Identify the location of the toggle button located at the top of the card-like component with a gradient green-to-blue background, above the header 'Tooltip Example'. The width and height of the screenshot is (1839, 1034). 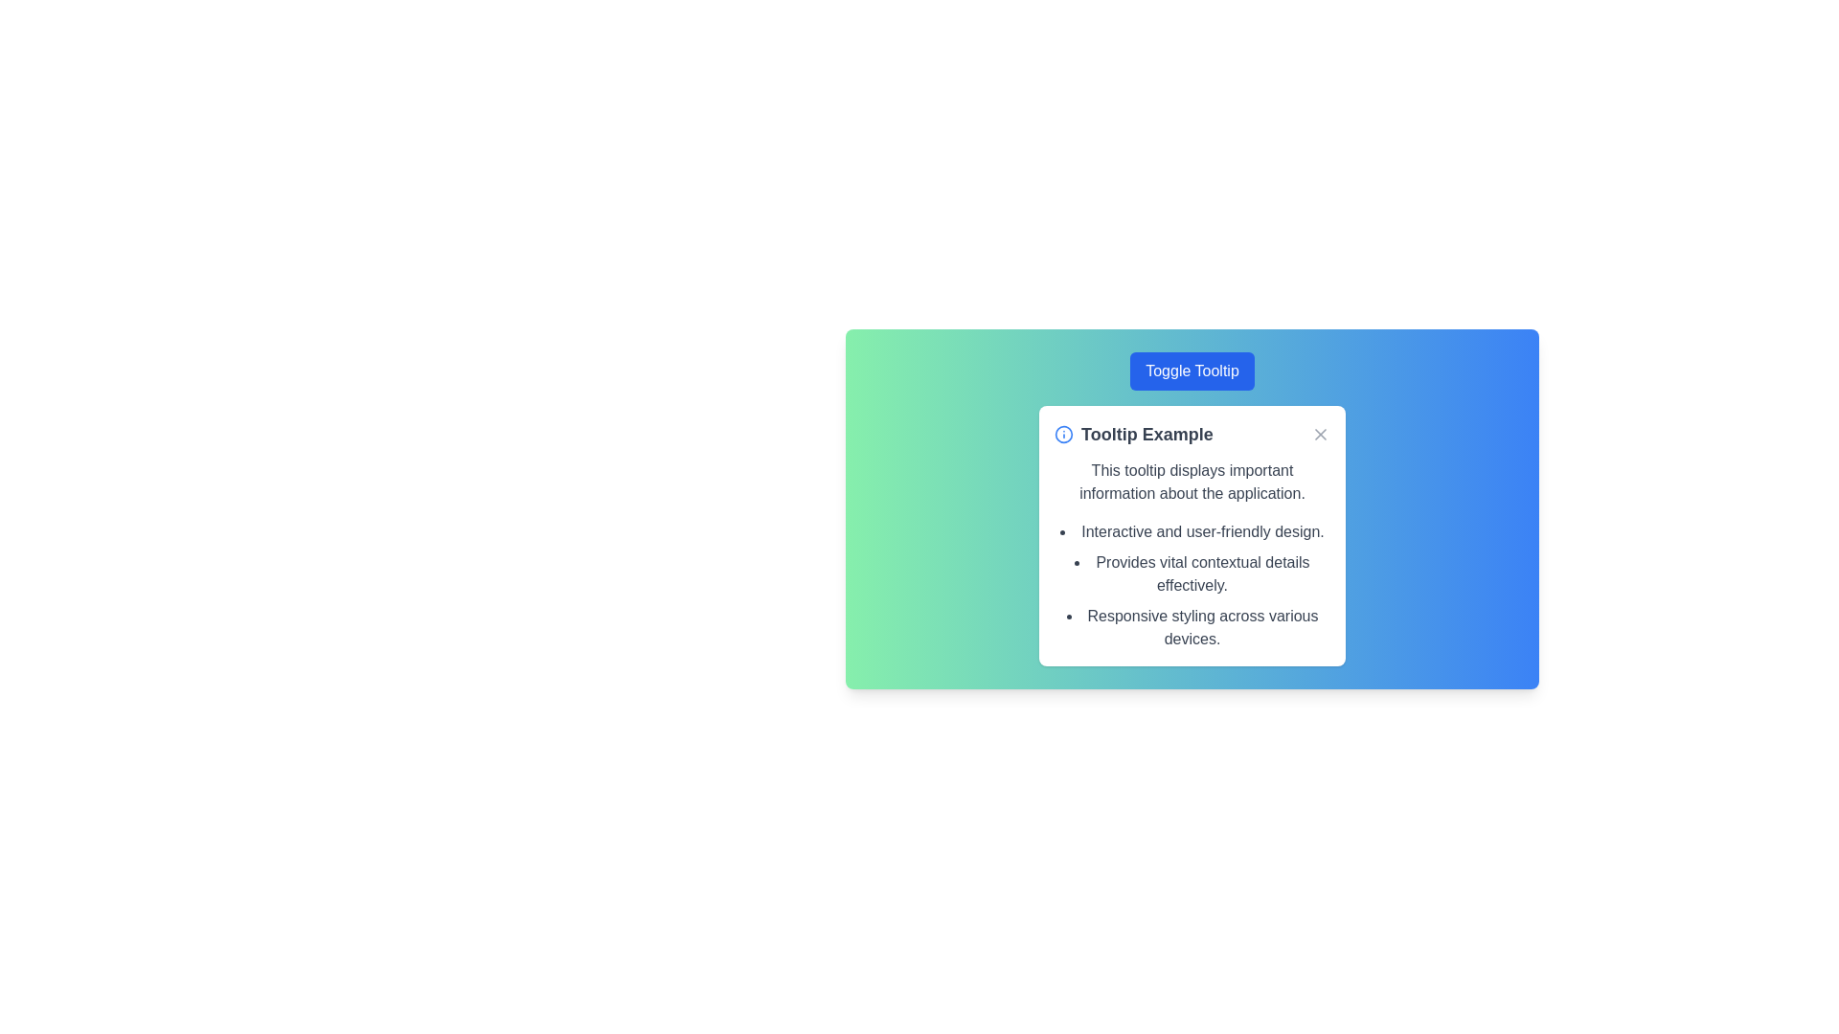
(1191, 371).